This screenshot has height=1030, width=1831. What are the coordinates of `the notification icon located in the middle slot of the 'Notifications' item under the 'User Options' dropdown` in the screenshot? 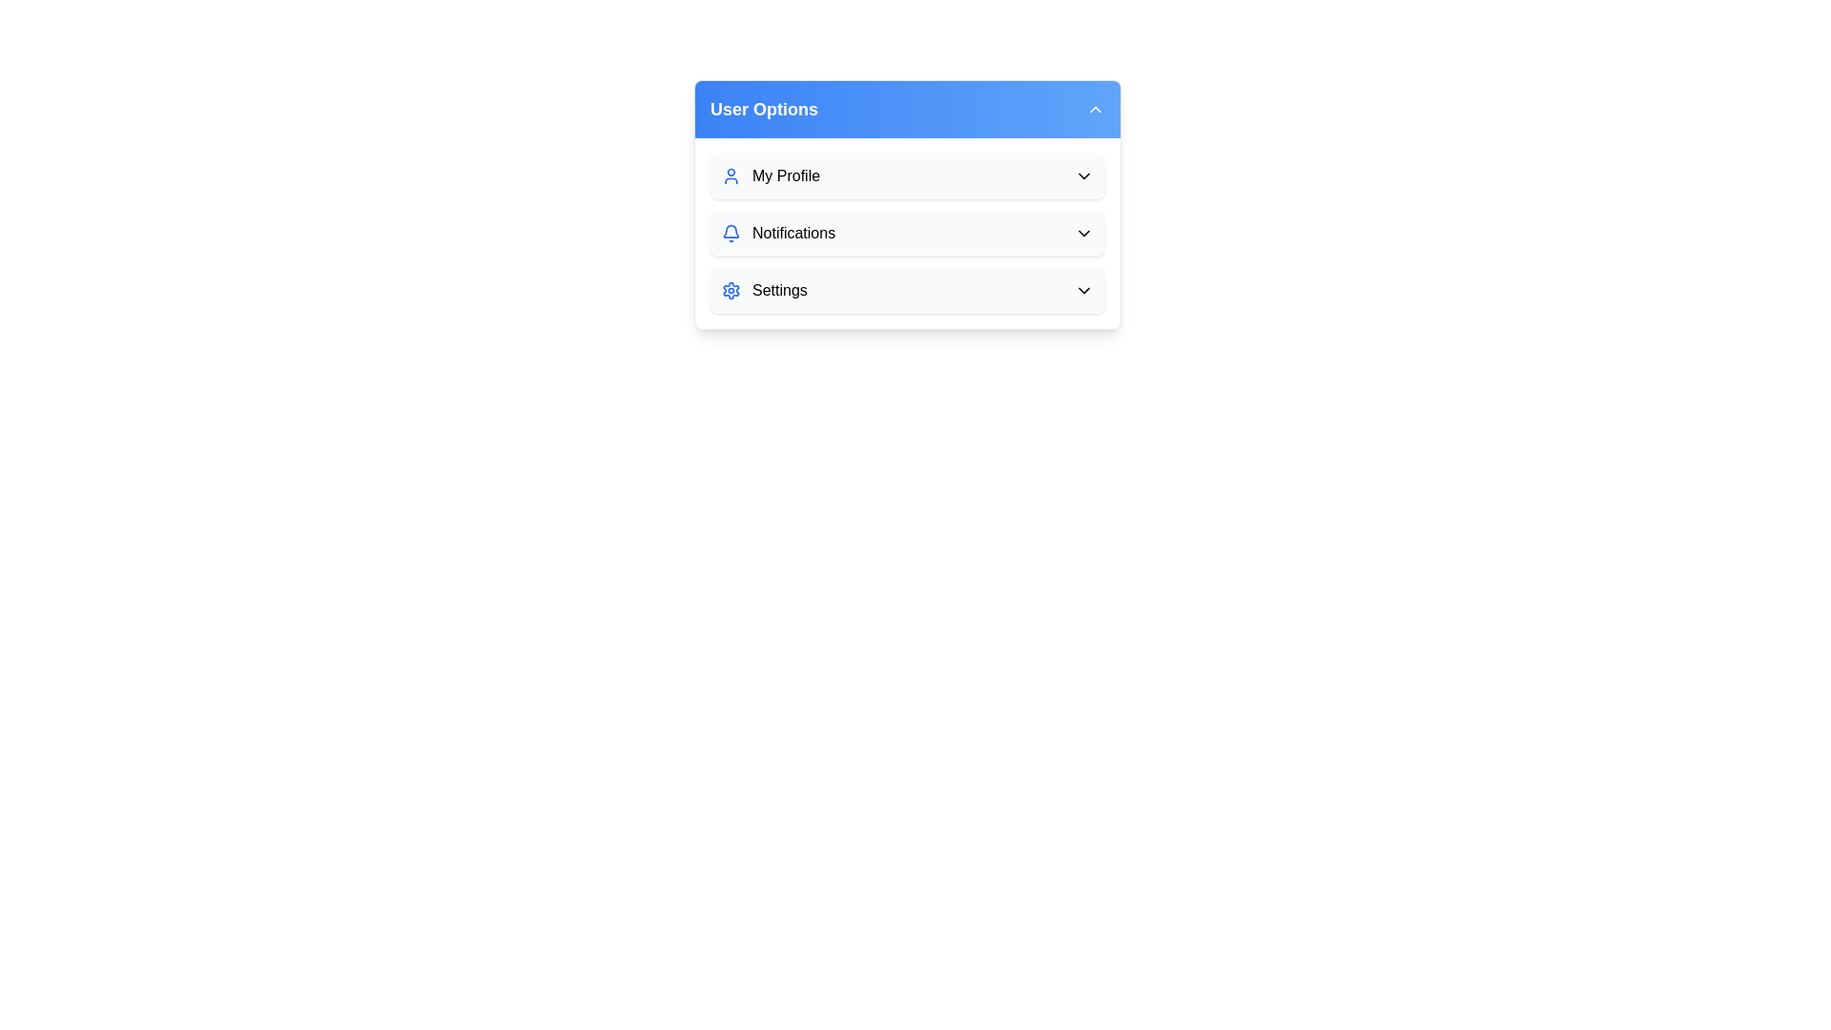 It's located at (730, 230).